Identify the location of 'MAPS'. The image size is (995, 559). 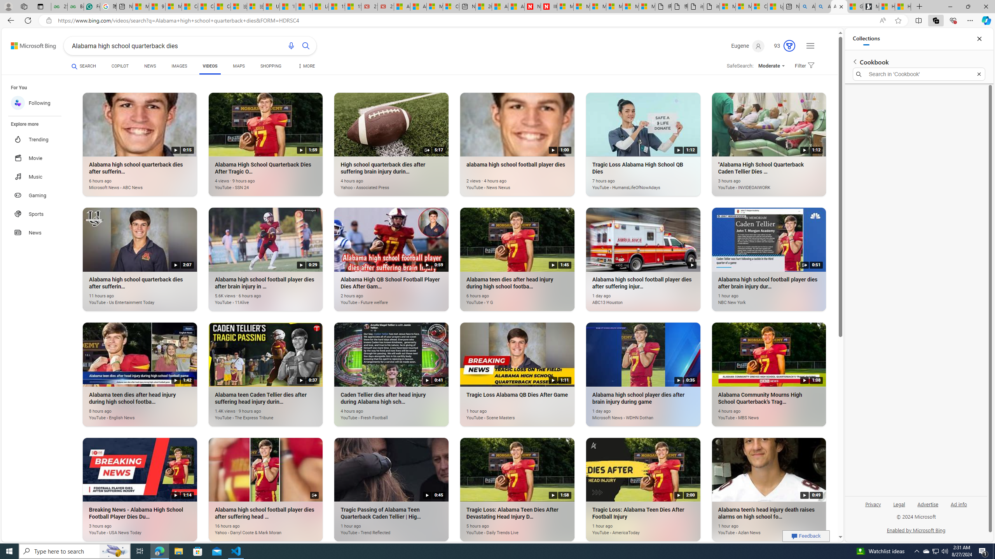
(238, 66).